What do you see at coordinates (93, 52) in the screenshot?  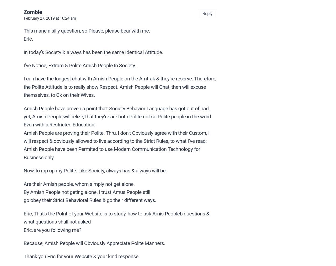 I see `'In today’s Society & always has been the same Identical Attitude.'` at bounding box center [93, 52].